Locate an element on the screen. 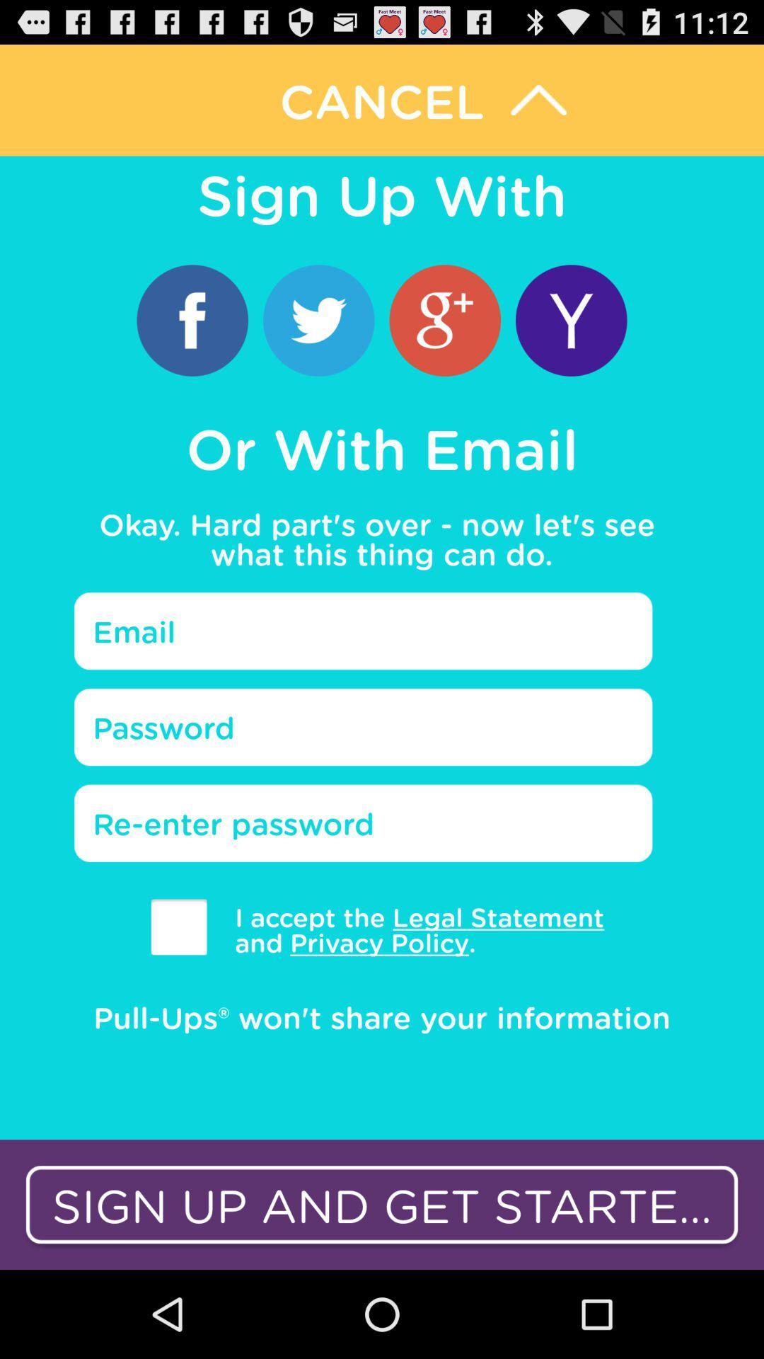  icon next to i accept the is located at coordinates (178, 927).